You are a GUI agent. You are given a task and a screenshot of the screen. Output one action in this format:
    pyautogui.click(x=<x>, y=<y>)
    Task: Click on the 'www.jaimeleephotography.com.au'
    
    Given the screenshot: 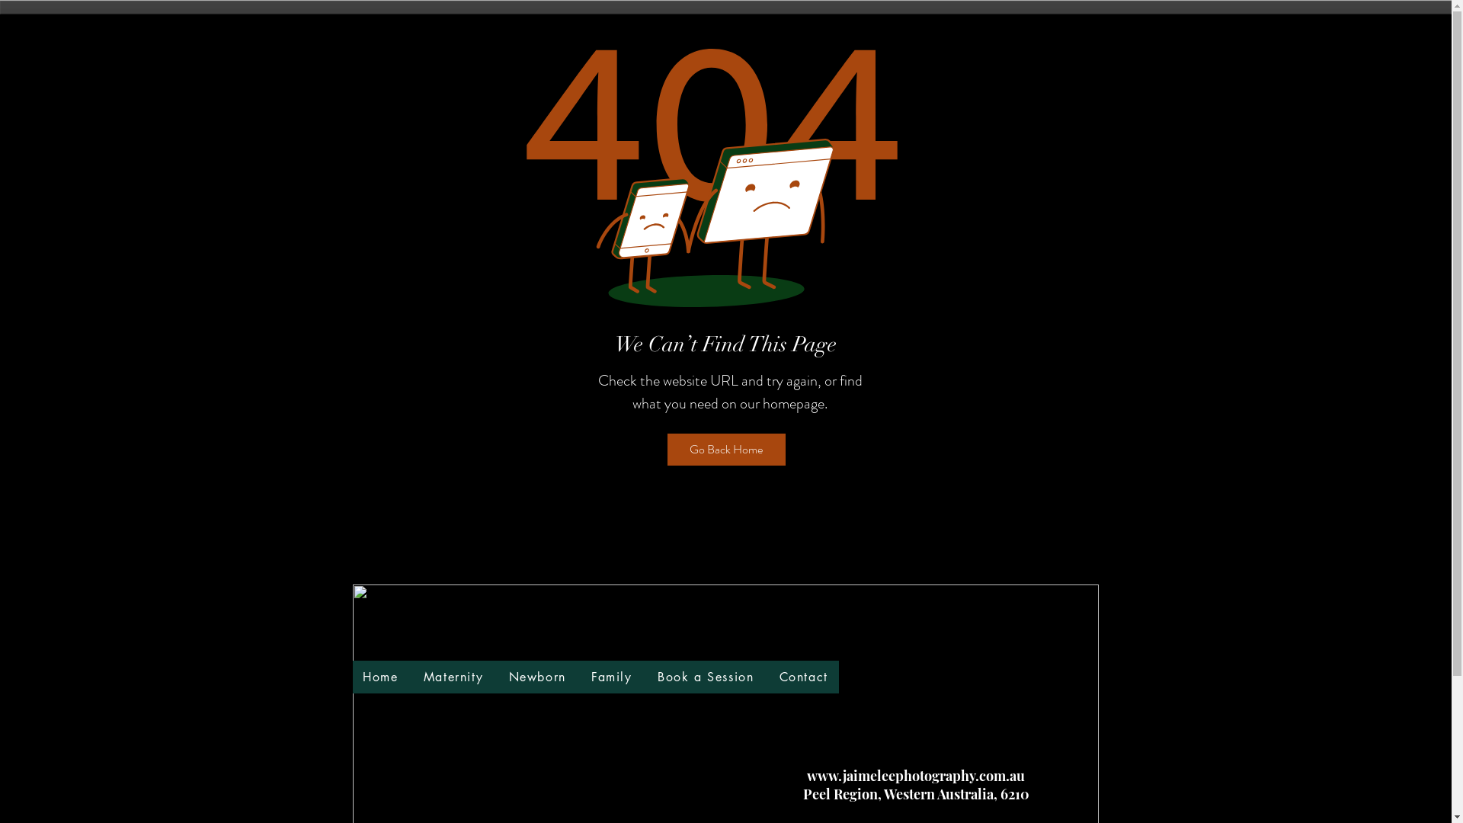 What is the action you would take?
    pyautogui.click(x=914, y=776)
    